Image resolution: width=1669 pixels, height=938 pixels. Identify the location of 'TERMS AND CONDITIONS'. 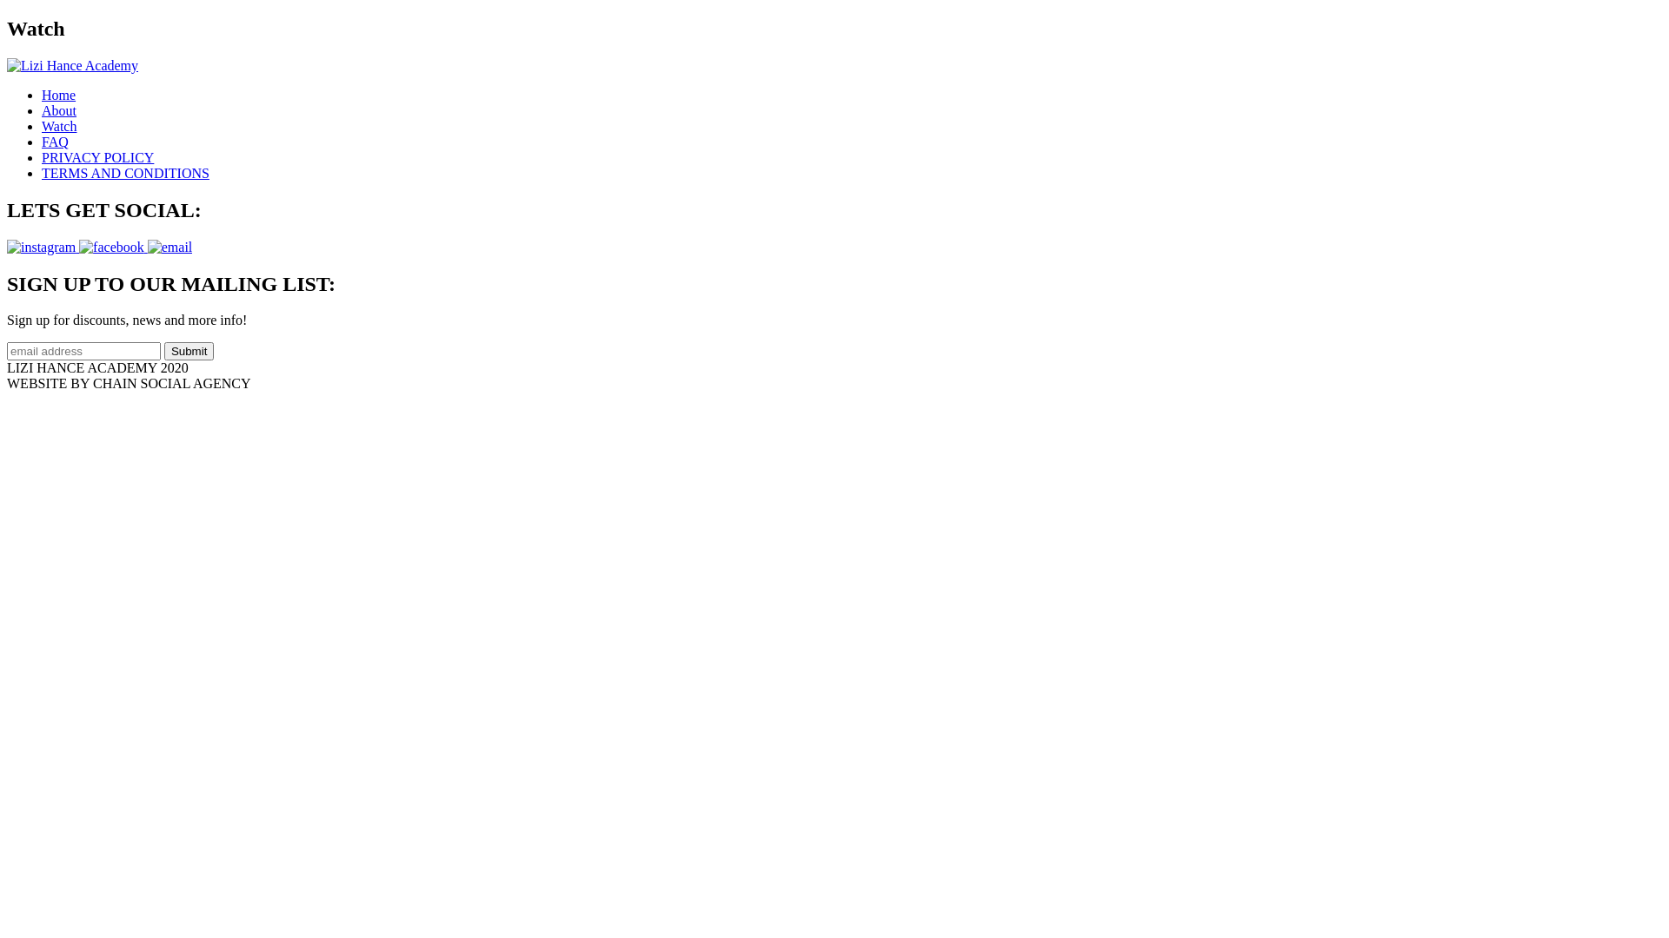
(124, 173).